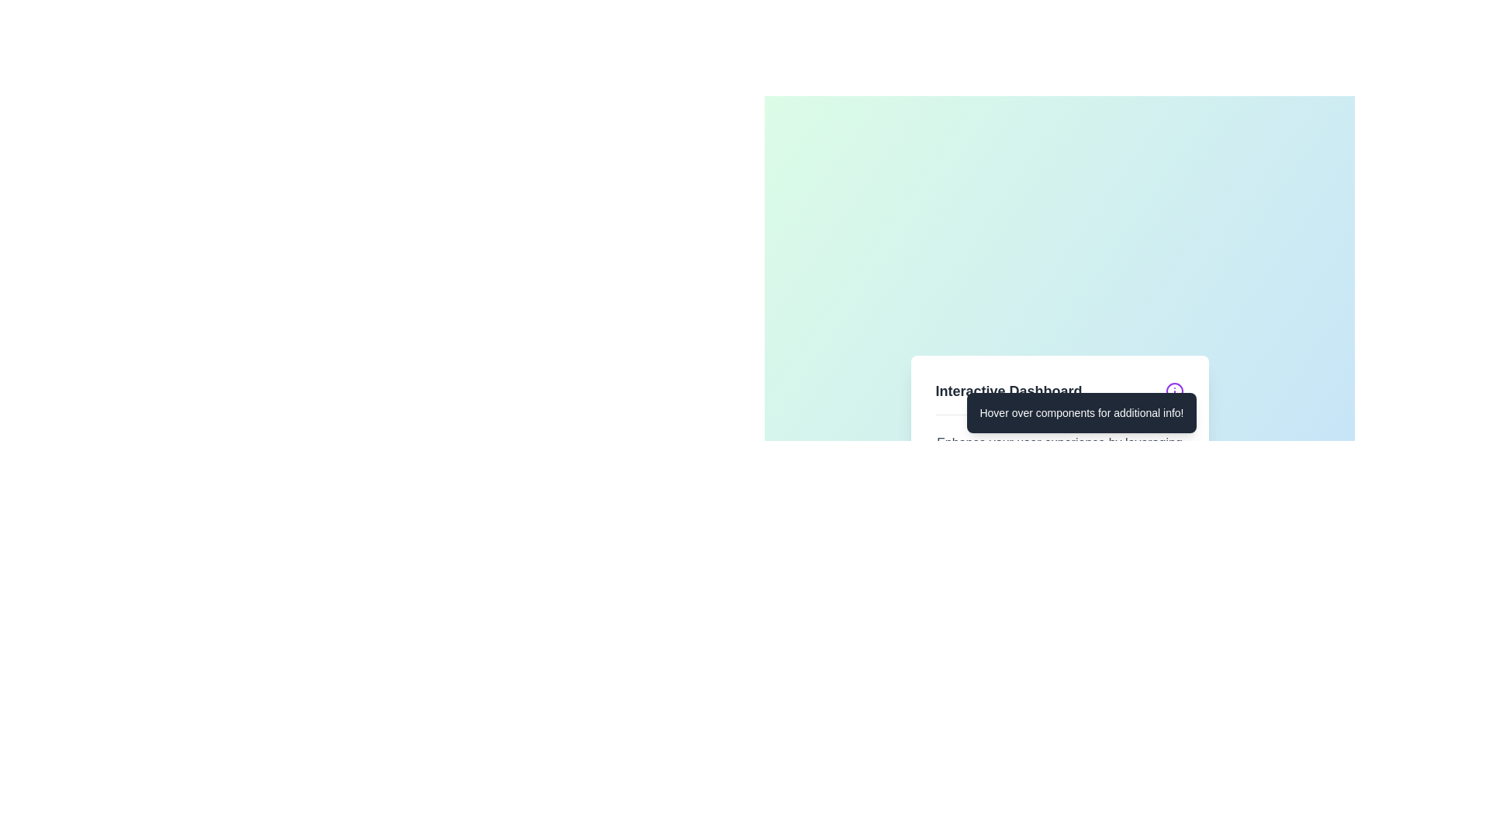 The width and height of the screenshot is (1489, 837). What do you see at coordinates (1174, 391) in the screenshot?
I see `the SVG circle that serves as the information icon located at the top-right edge of the tooltip-like popup` at bounding box center [1174, 391].